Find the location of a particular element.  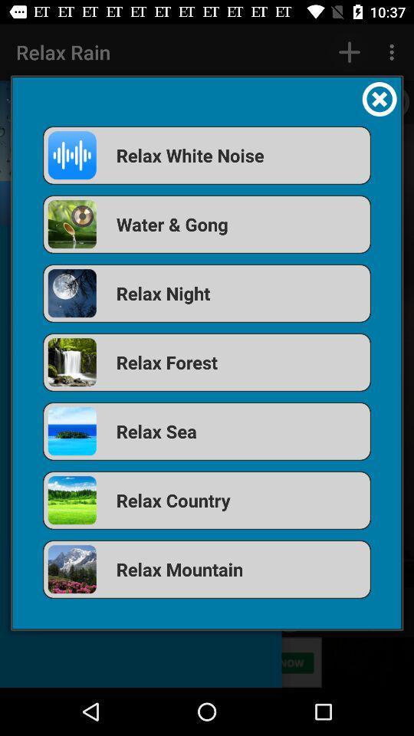

item above the relax mountain is located at coordinates (207, 499).